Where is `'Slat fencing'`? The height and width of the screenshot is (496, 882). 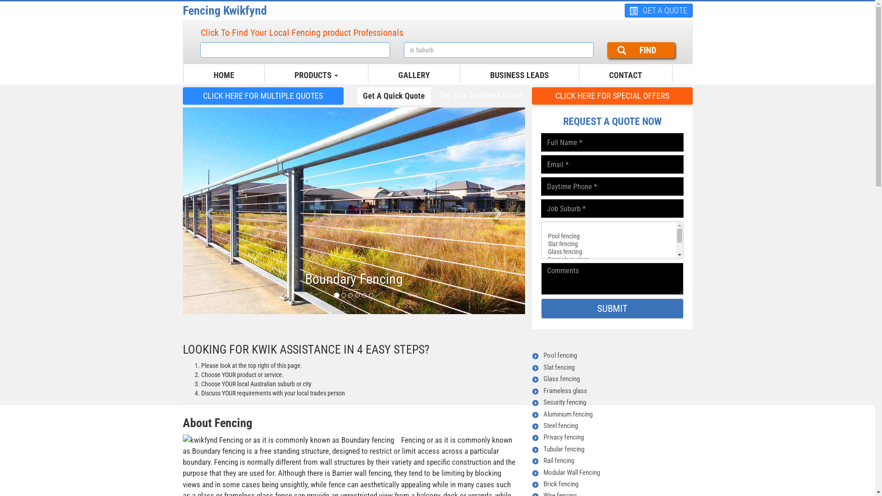
'Slat fencing' is located at coordinates (558, 366).